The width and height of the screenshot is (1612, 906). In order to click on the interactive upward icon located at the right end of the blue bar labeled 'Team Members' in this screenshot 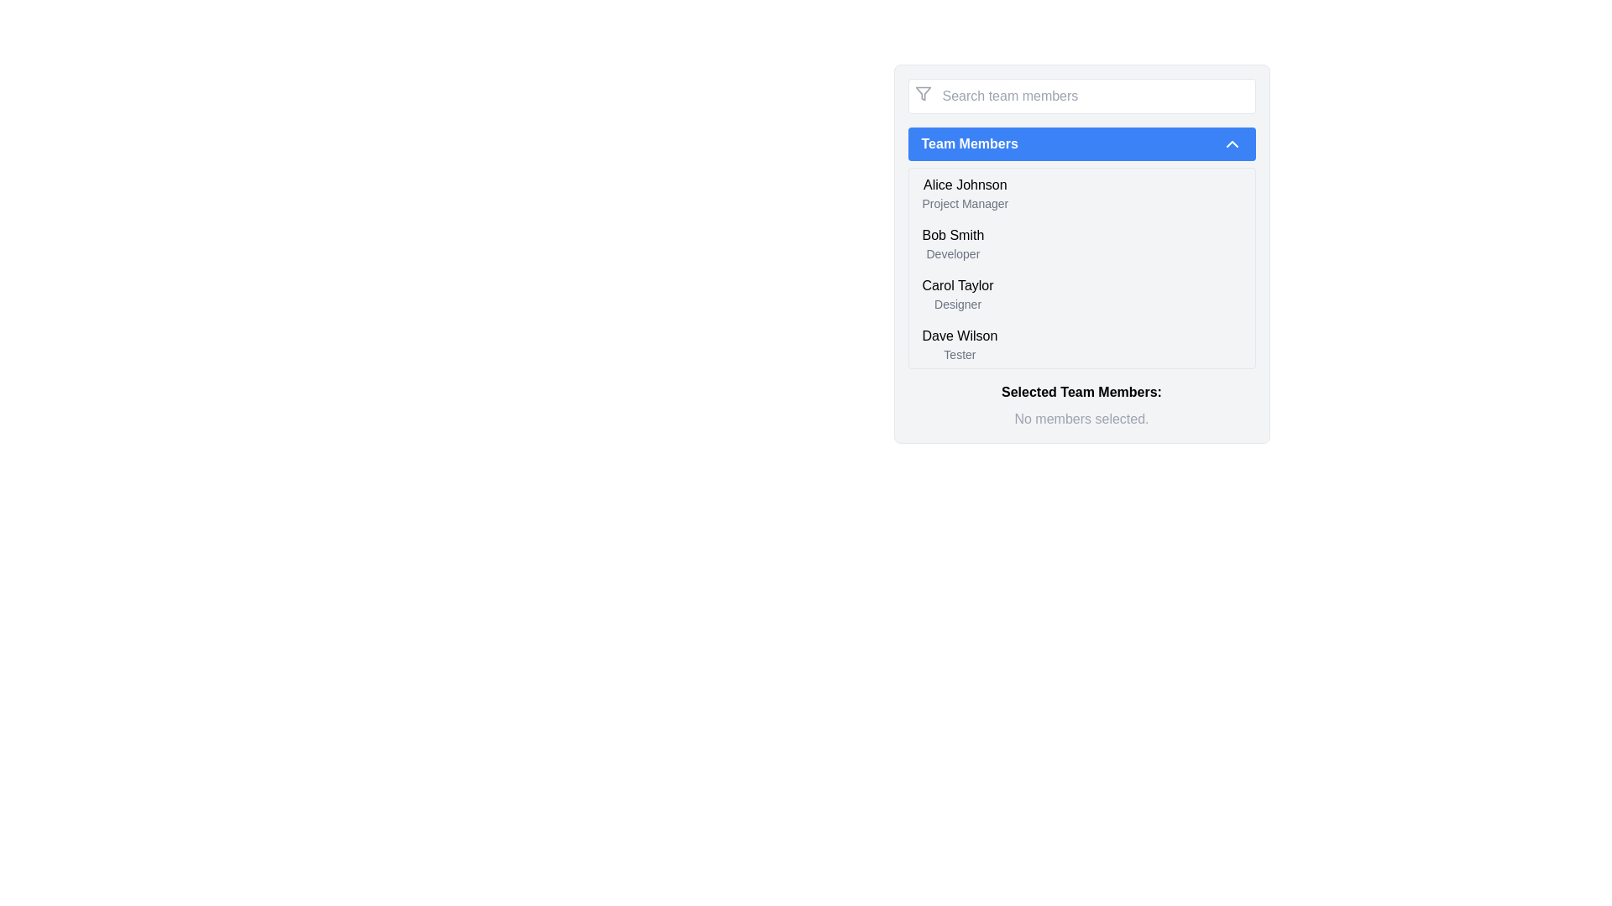, I will do `click(1232, 143)`.